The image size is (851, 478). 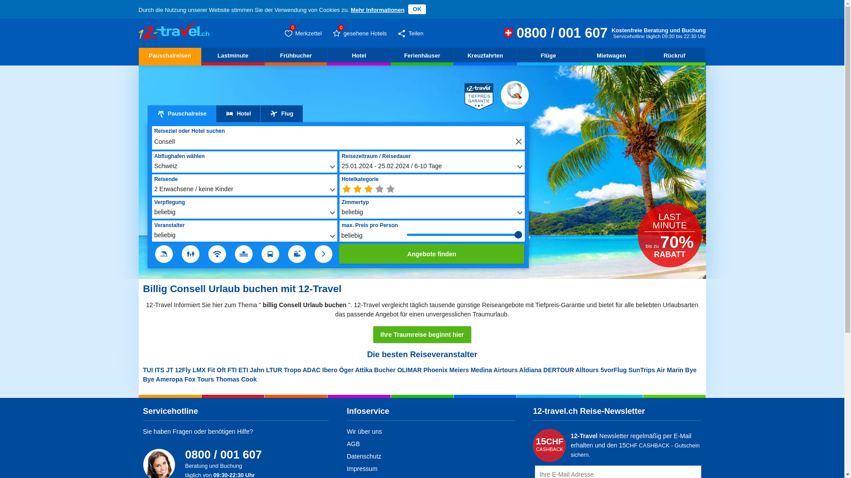 What do you see at coordinates (359, 56) in the screenshot?
I see `'Hotel'` at bounding box center [359, 56].